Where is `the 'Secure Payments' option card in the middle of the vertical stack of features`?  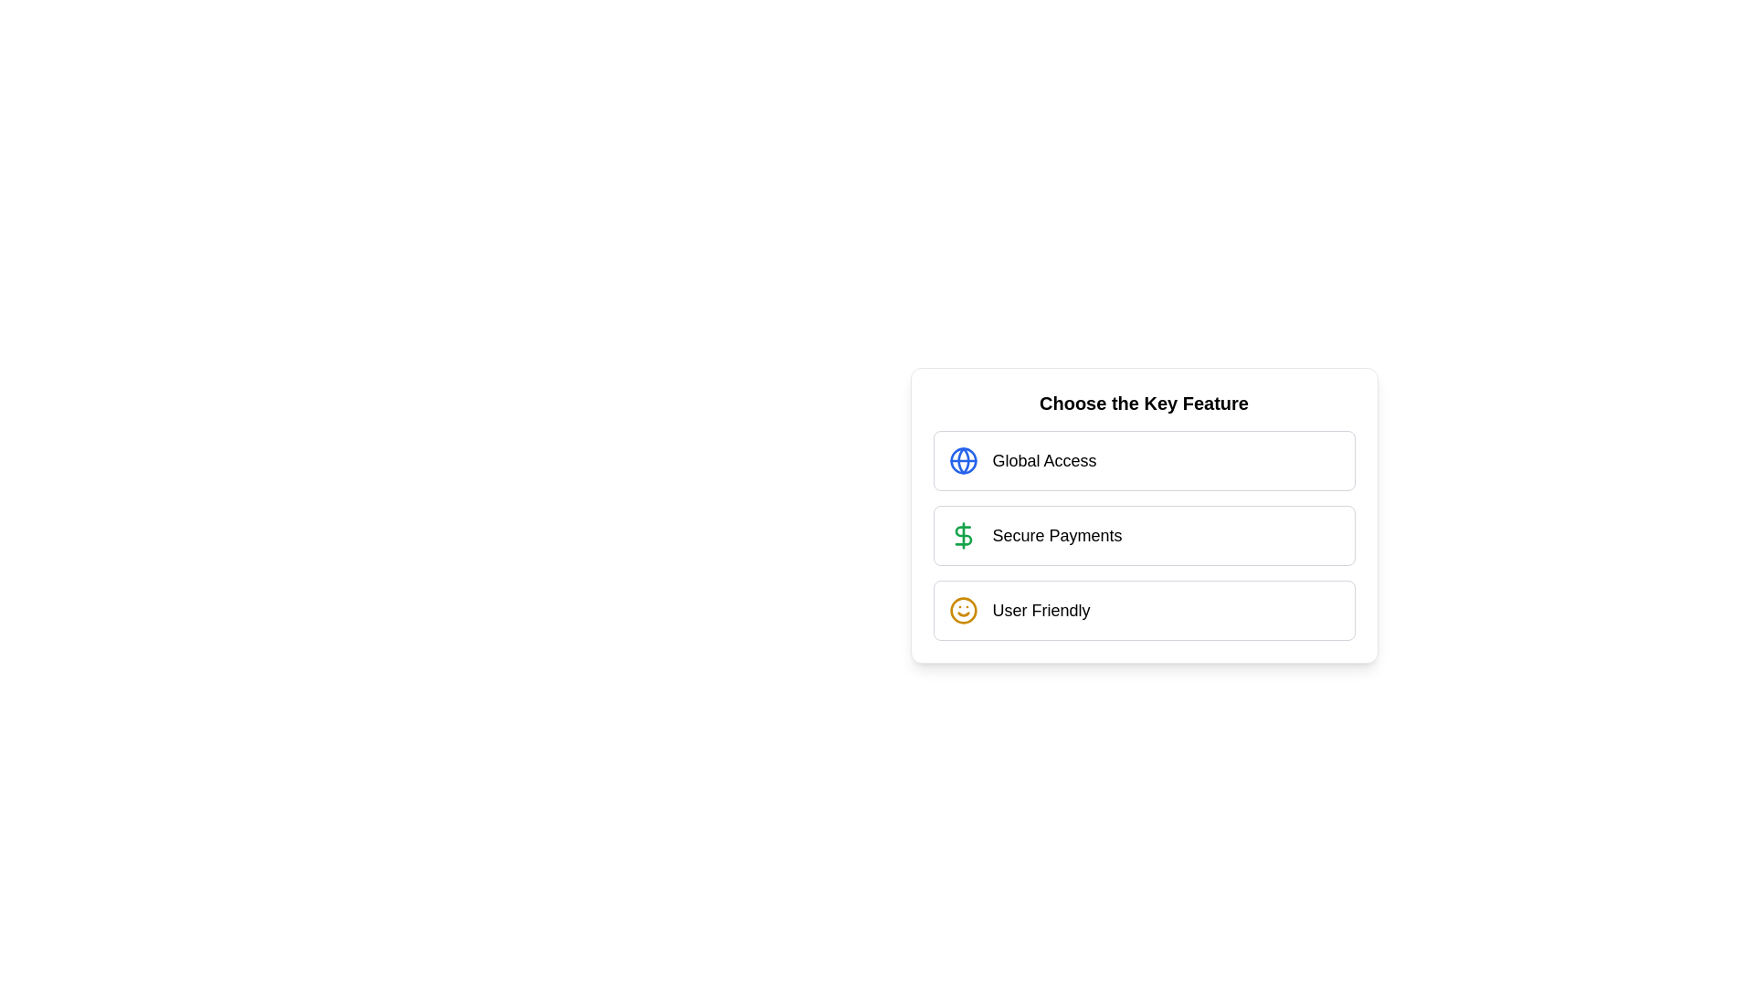
the 'Secure Payments' option card in the middle of the vertical stack of features is located at coordinates (1143, 534).